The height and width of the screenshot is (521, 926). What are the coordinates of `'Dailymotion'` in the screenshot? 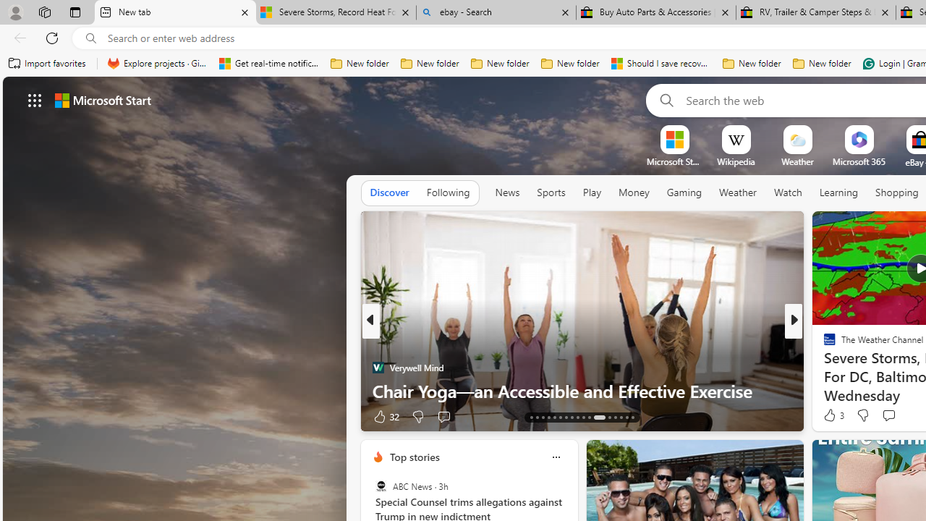 It's located at (823, 366).